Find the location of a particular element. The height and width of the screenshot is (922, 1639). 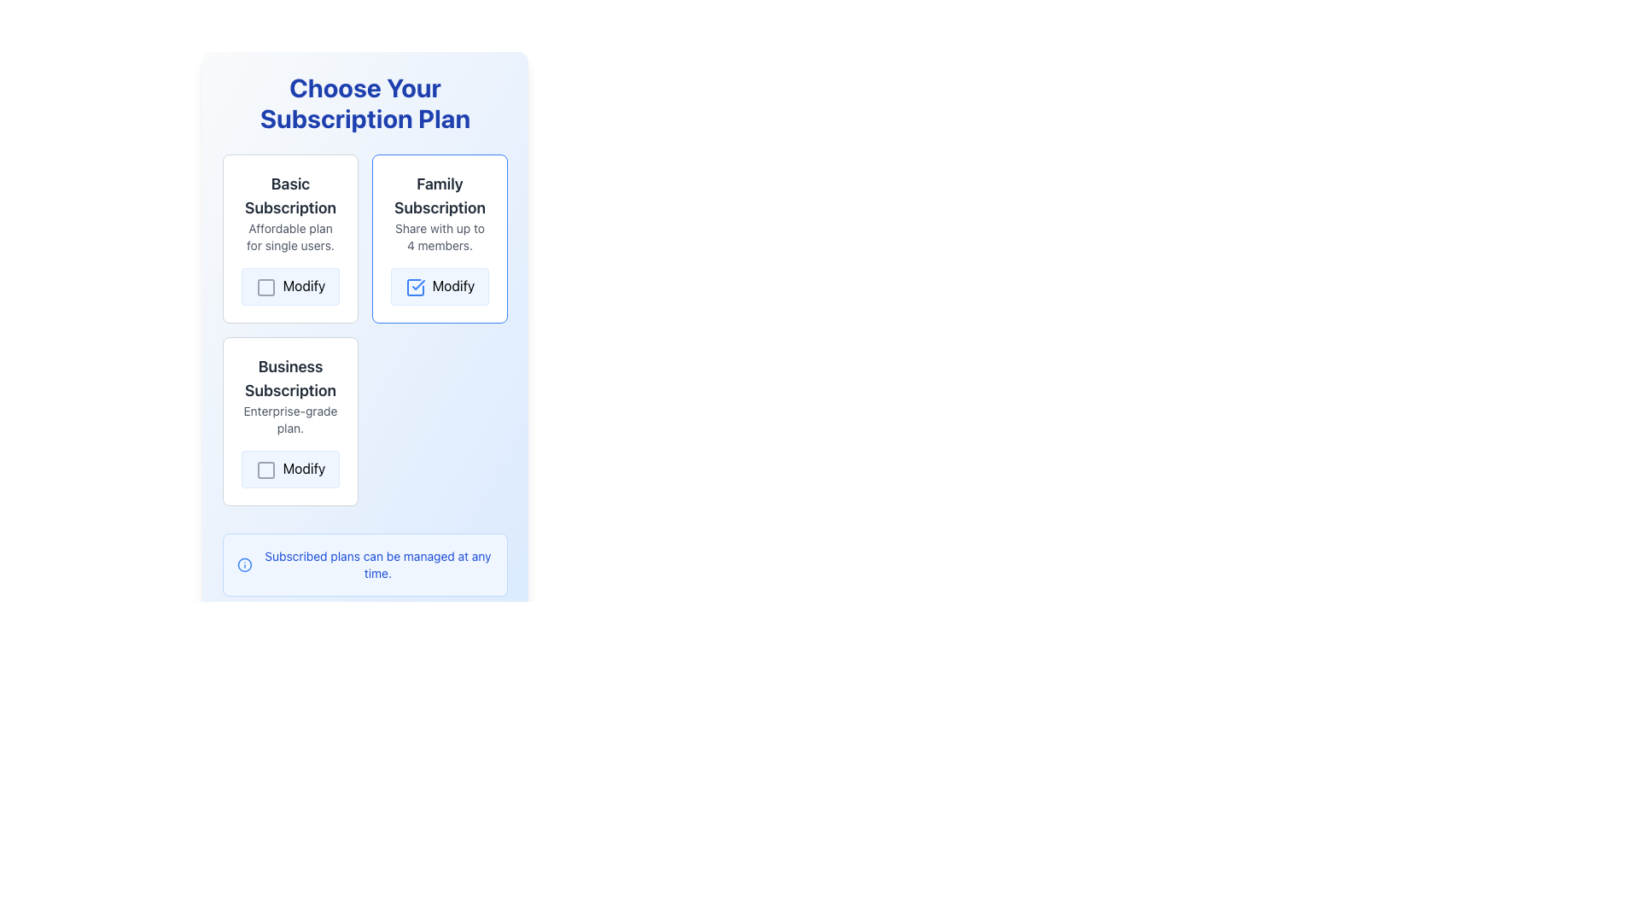

the icon within the 'Modify' button for the 'Basic Subscription' section, which indicates the action or type of interaction available is located at coordinates (265, 286).